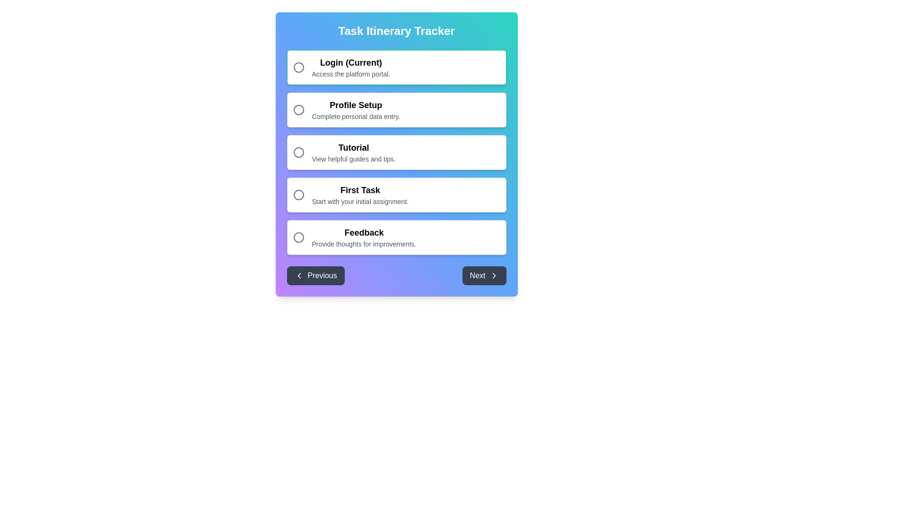  What do you see at coordinates (355, 105) in the screenshot?
I see `the title Text element that serves as a heading for the second item in the vertical list within the card-like UI, located between 'Login (Current)' and 'Tutorial'` at bounding box center [355, 105].